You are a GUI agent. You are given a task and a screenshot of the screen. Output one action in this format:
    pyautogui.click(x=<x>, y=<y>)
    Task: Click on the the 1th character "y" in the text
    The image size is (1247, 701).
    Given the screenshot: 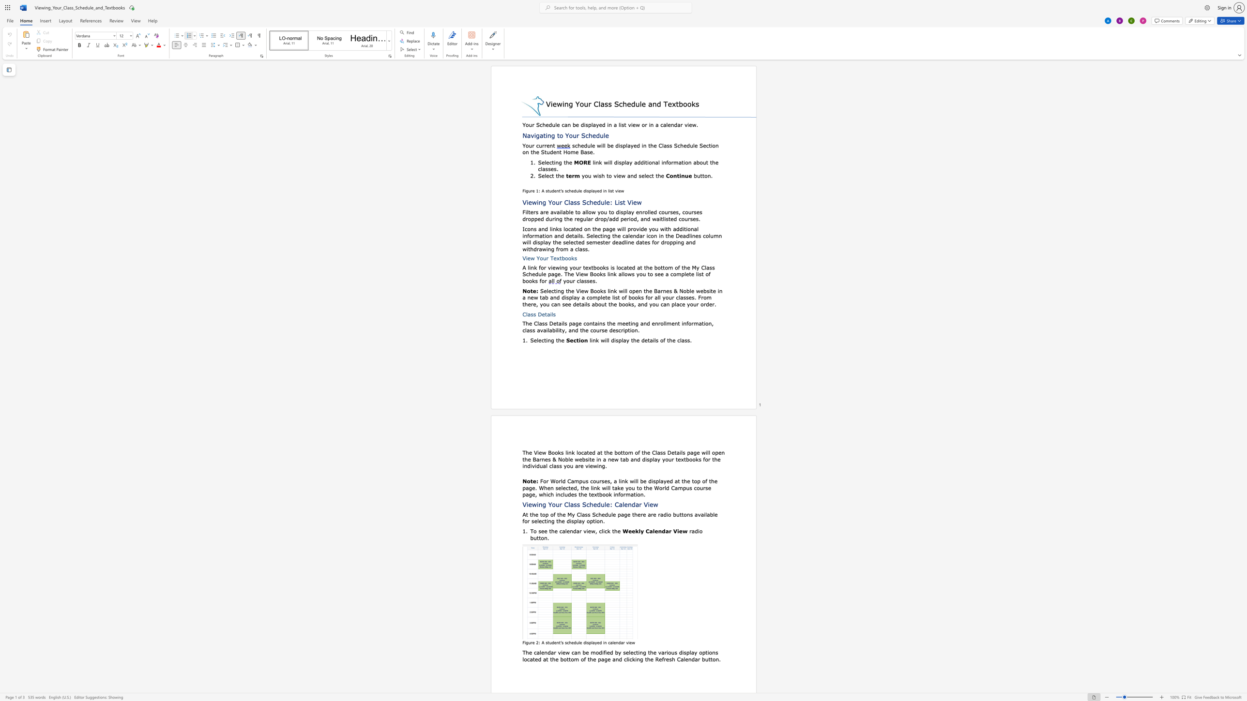 What is the action you would take?
    pyautogui.click(x=596, y=191)
    